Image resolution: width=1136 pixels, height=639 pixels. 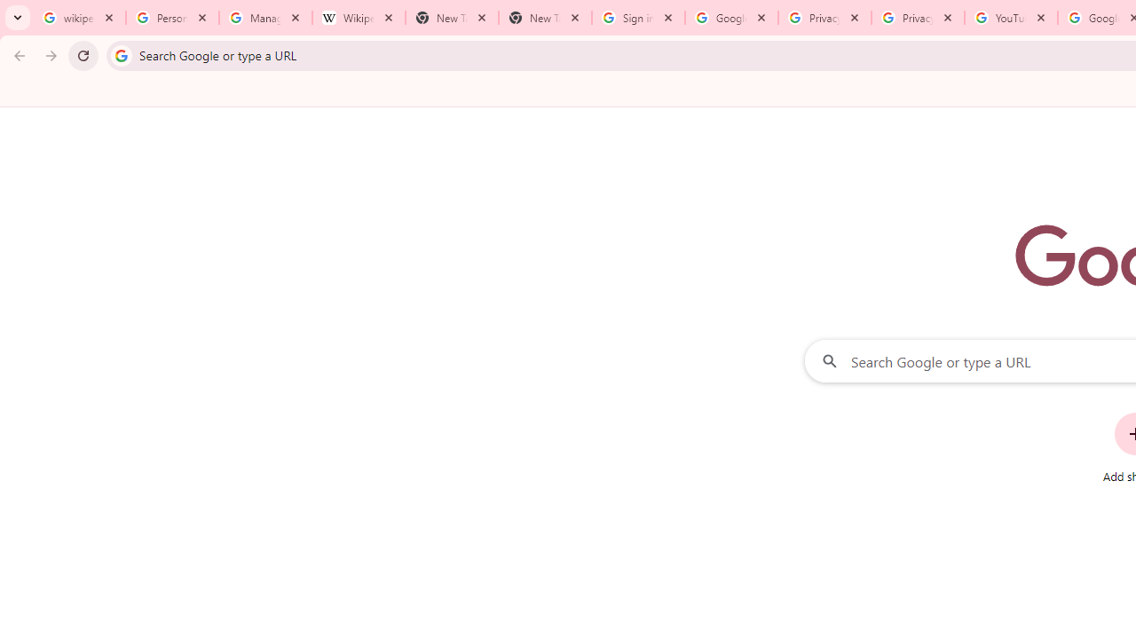 I want to click on 'Manage your Location History - Google Search Help', so click(x=264, y=18).